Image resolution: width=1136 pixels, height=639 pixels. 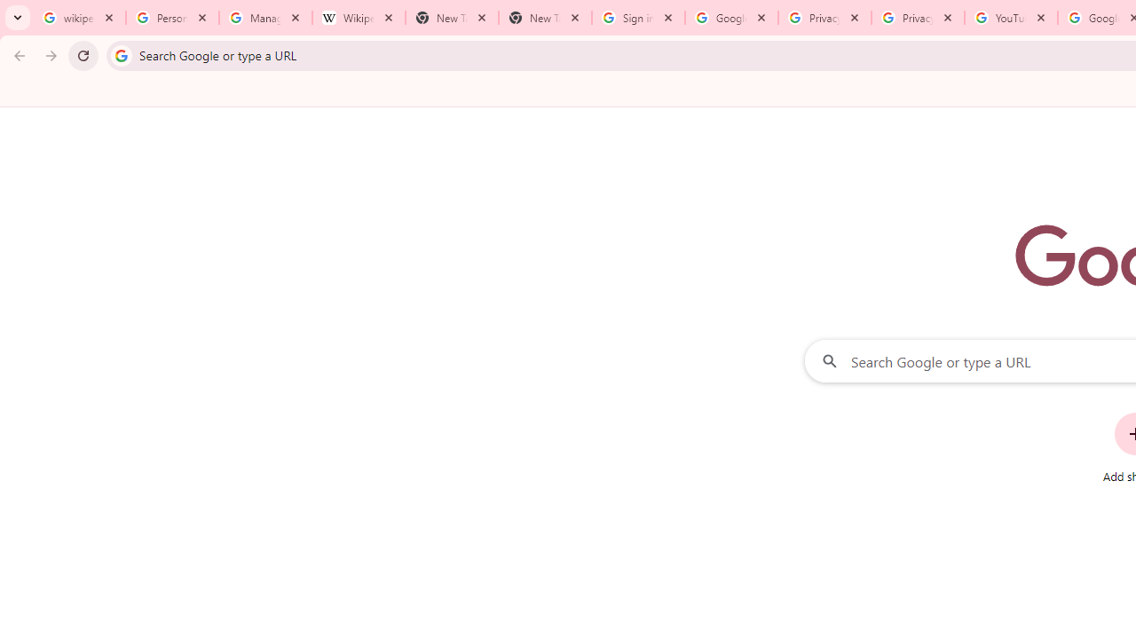 I want to click on 'Manage your Location History - Google Search Help', so click(x=264, y=18).